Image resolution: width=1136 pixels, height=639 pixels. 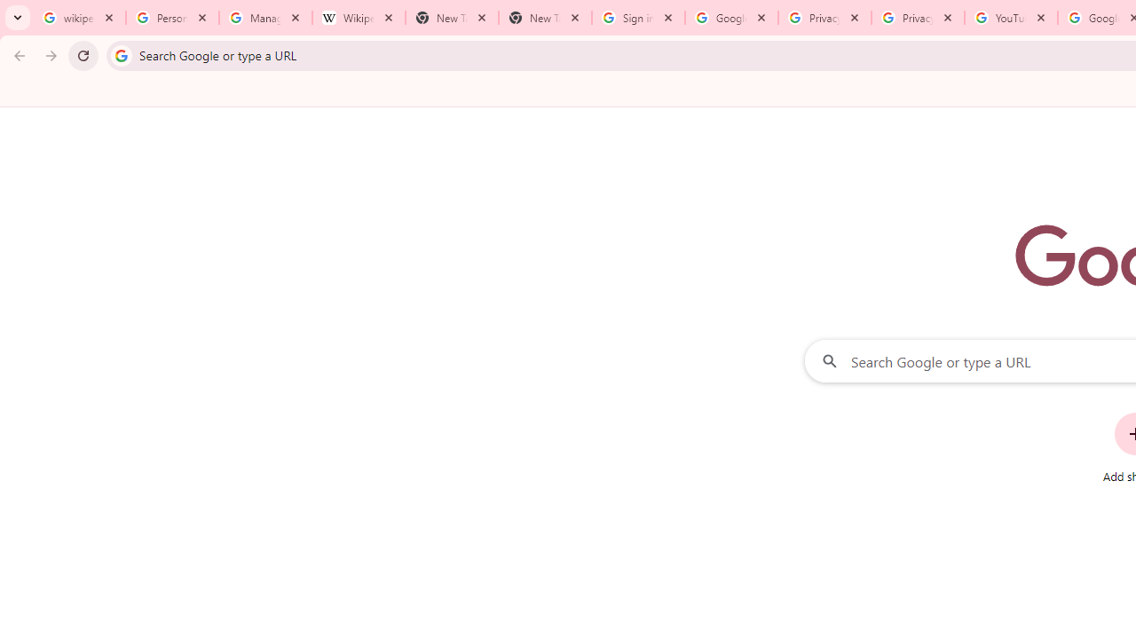 I want to click on 'Manage your Location History - Google Search Help', so click(x=264, y=18).